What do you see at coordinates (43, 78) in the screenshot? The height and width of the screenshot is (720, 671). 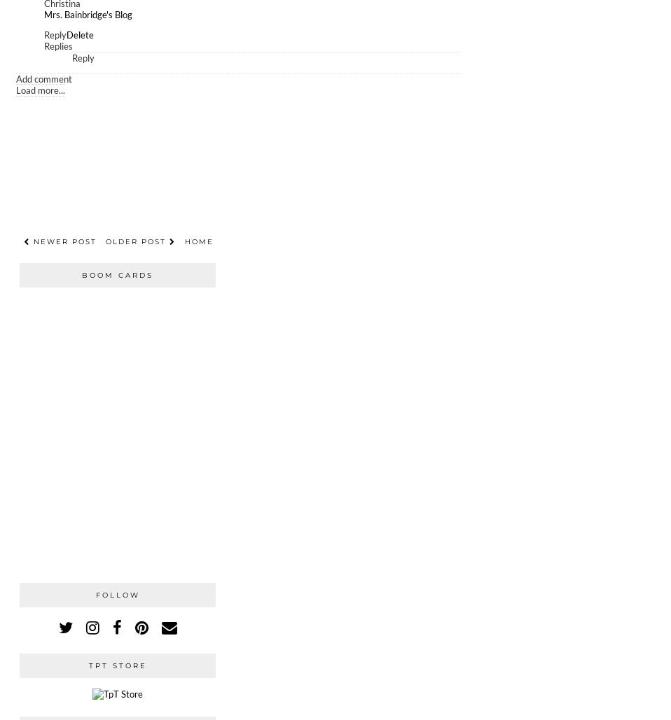 I see `'Add comment'` at bounding box center [43, 78].